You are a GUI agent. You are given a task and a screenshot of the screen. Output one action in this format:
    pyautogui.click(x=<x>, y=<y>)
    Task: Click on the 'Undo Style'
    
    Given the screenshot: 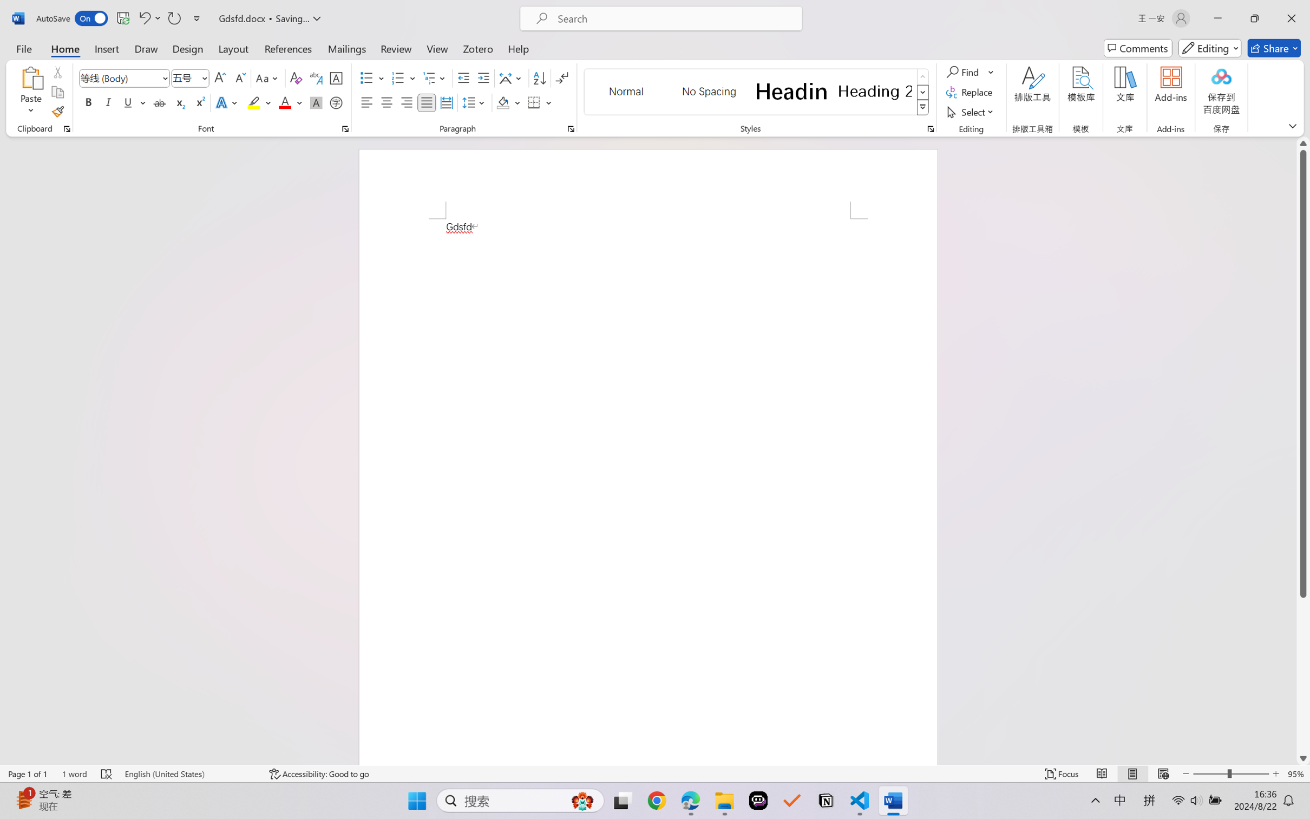 What is the action you would take?
    pyautogui.click(x=148, y=18)
    